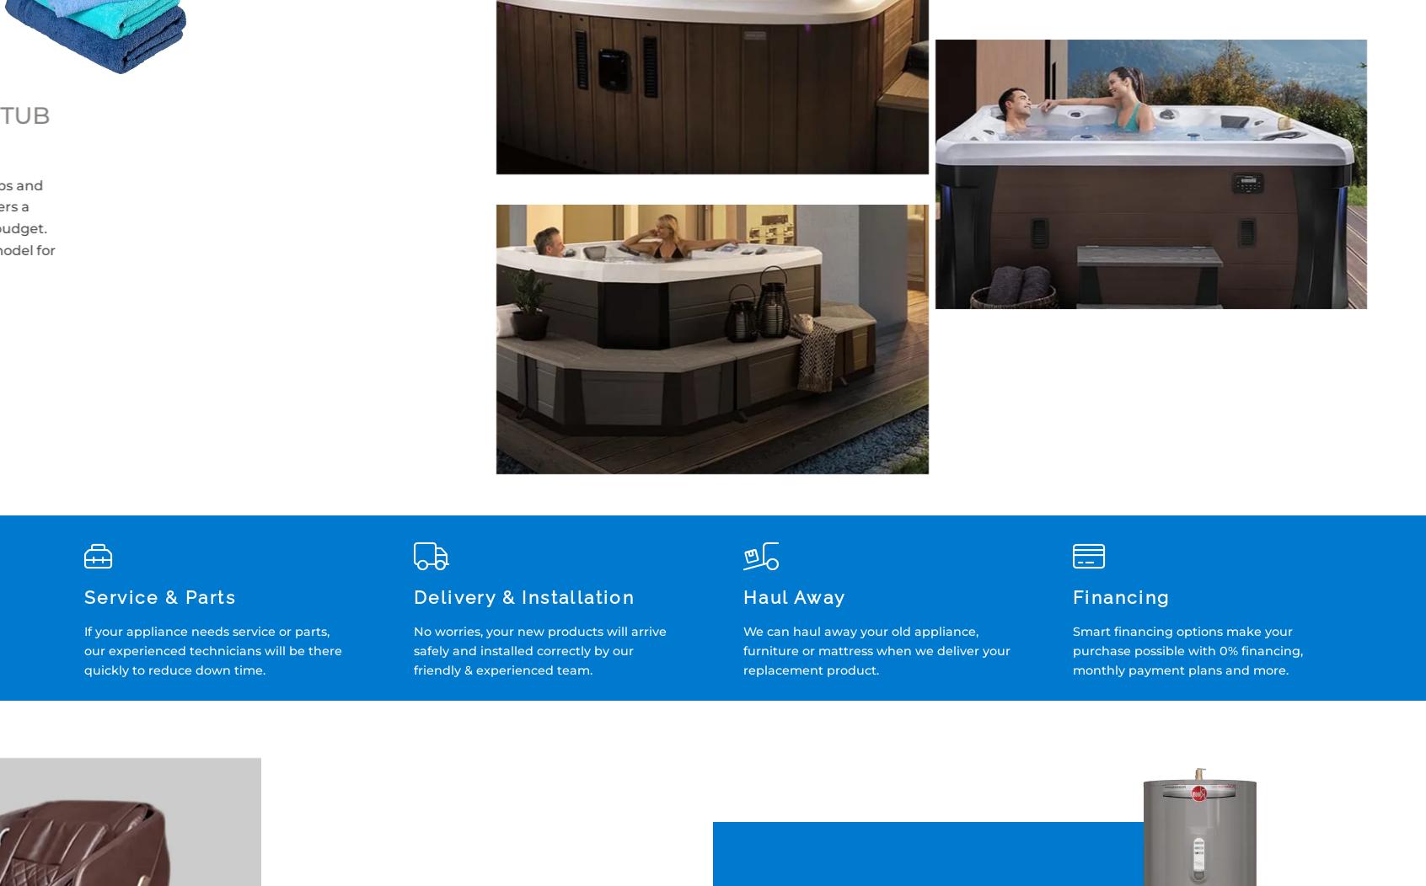  What do you see at coordinates (1187, 650) in the screenshot?
I see `'Smart financing options make your purchase possible with 0% financing, monthly payment plans and more.'` at bounding box center [1187, 650].